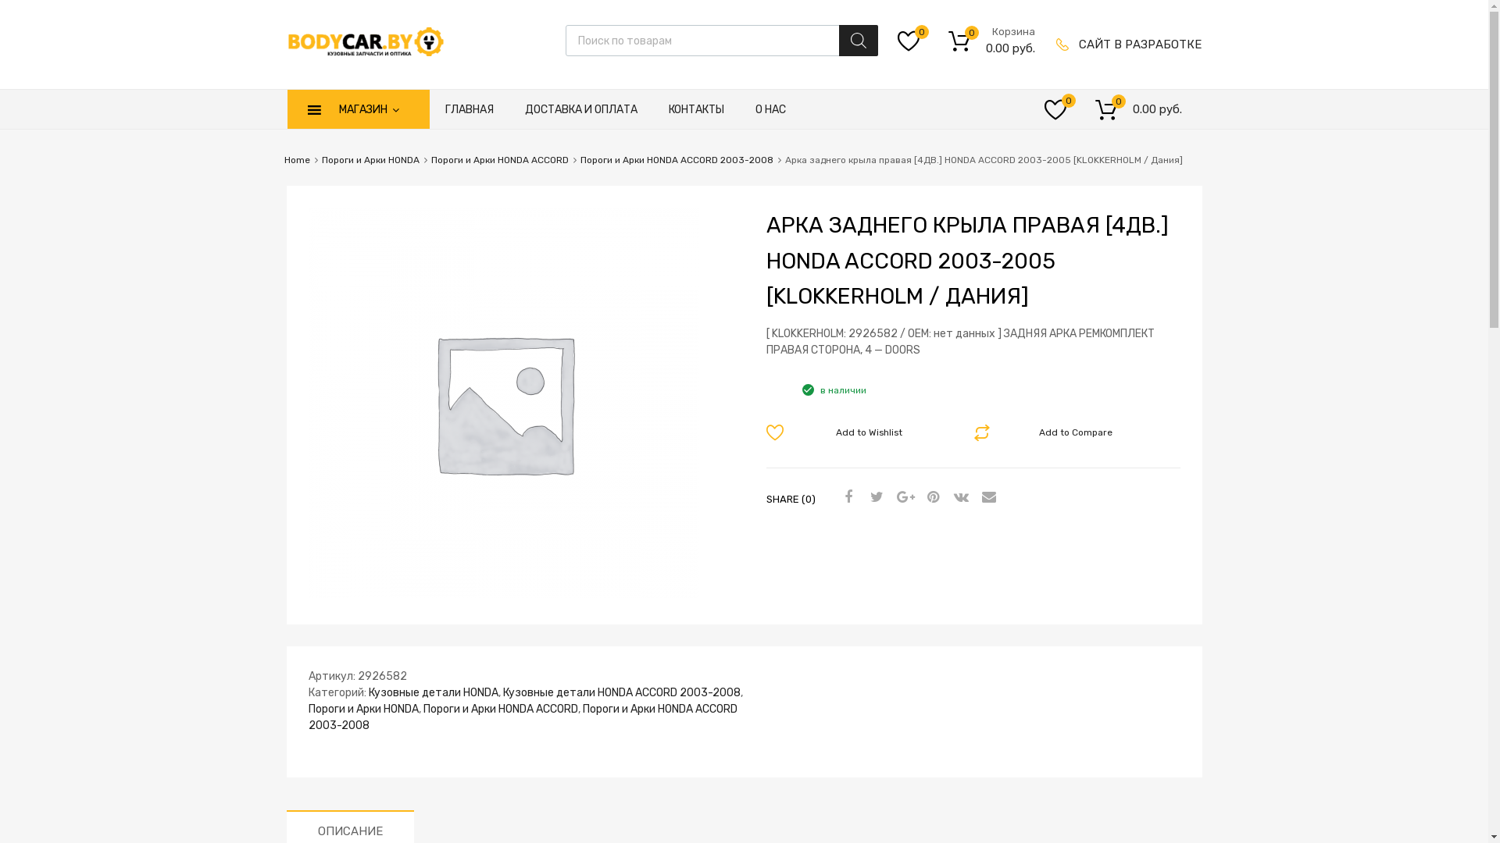  Describe the element at coordinates (985, 497) in the screenshot. I see `'Email this article to a friend'` at that location.